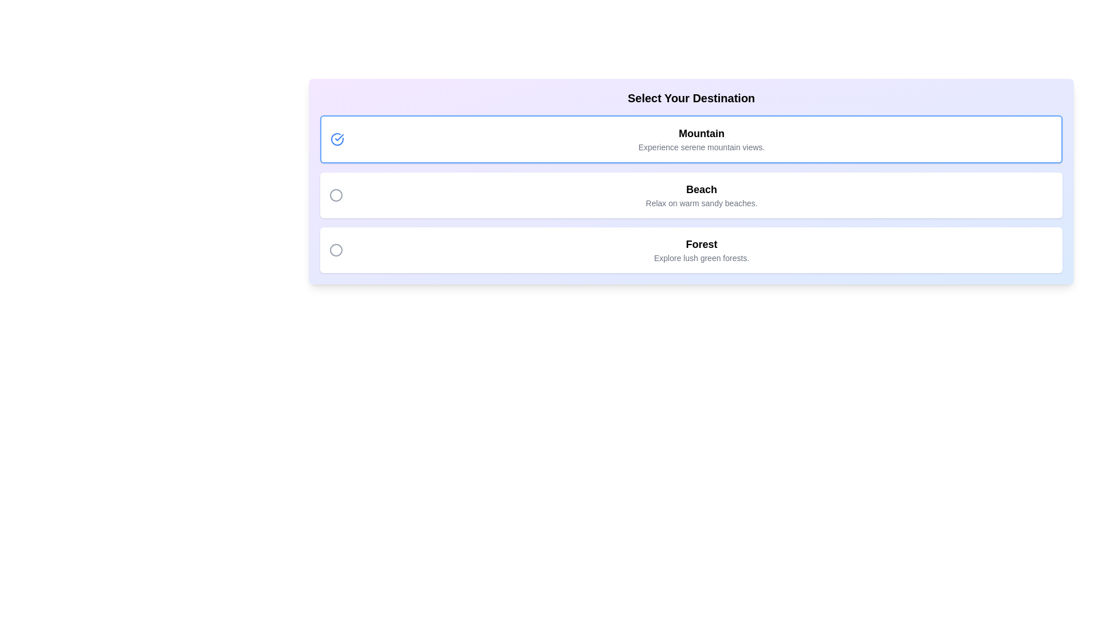 The image size is (1098, 617). I want to click on the circular selection indicator icon with a blue border and checkmark, so click(337, 138).